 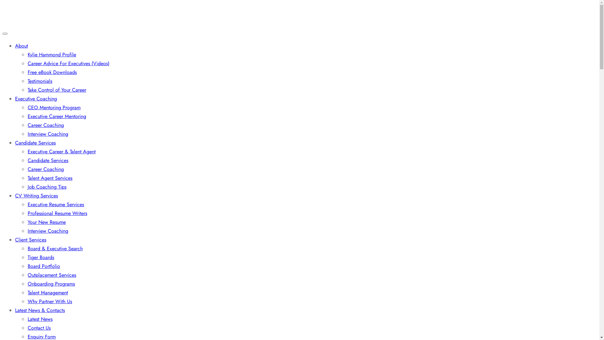 What do you see at coordinates (30, 240) in the screenshot?
I see `'Client Services'` at bounding box center [30, 240].